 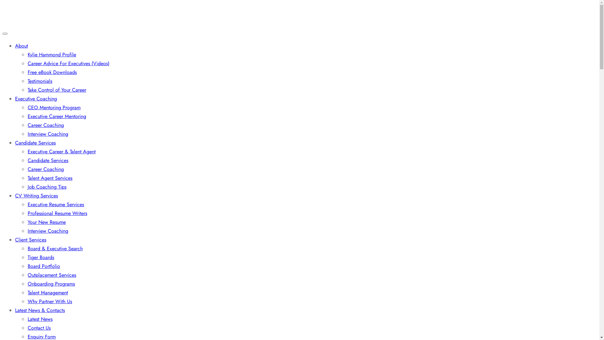 What do you see at coordinates (30, 240) in the screenshot?
I see `'Client Services'` at bounding box center [30, 240].